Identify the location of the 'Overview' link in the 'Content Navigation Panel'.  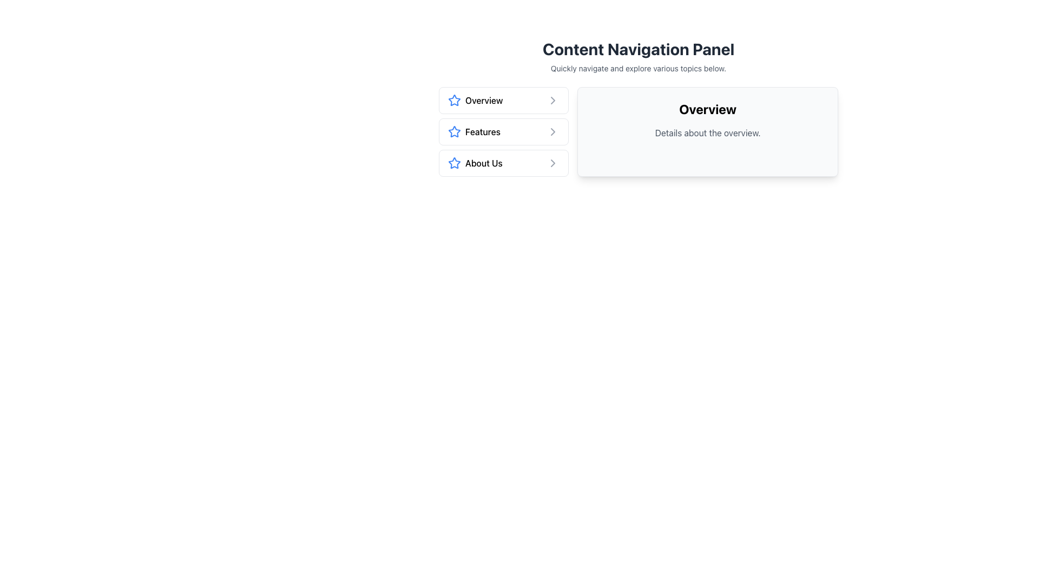
(639, 108).